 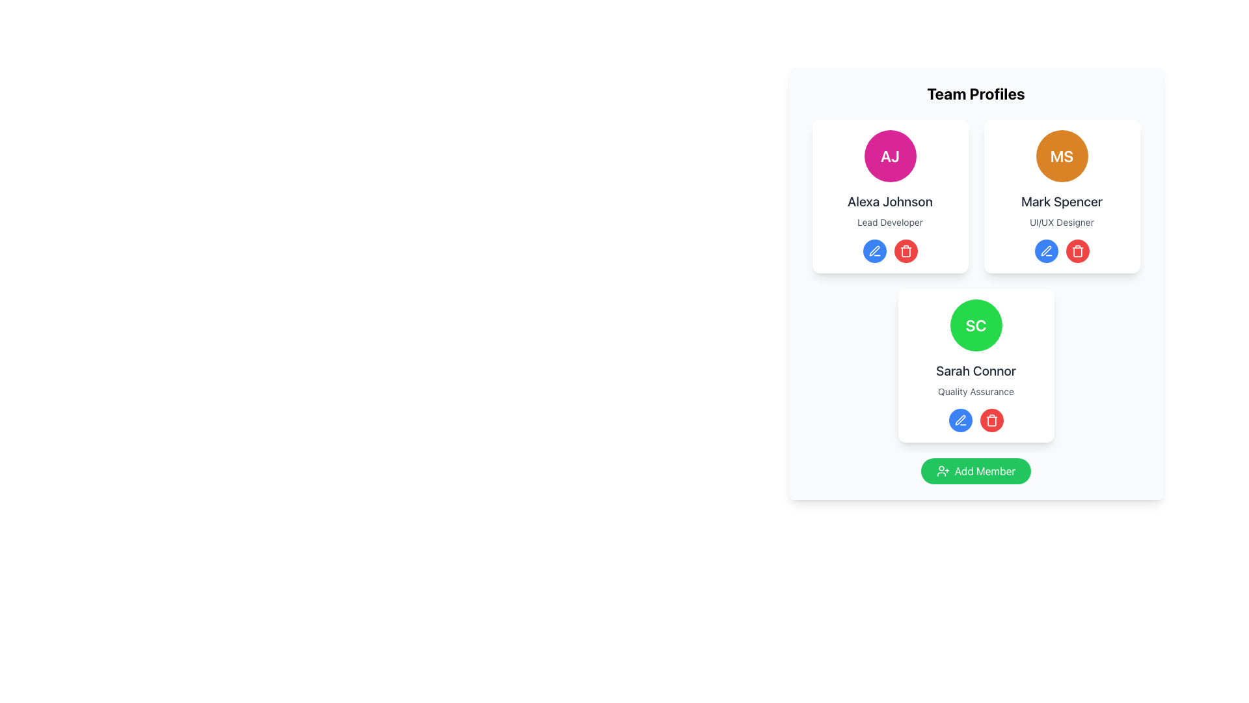 What do you see at coordinates (960, 420) in the screenshot?
I see `the edit button for 'Sarah Connor' to change its background color` at bounding box center [960, 420].